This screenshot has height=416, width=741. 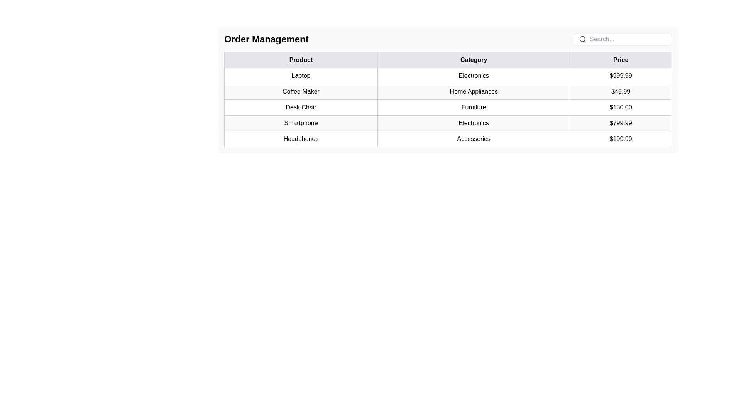 I want to click on the second row of the table which contains the product name 'Coffee Maker', category 'Home Appliances', and price '$49.99'. This row has a white background and is positioned directly under the header row, so click(x=448, y=91).